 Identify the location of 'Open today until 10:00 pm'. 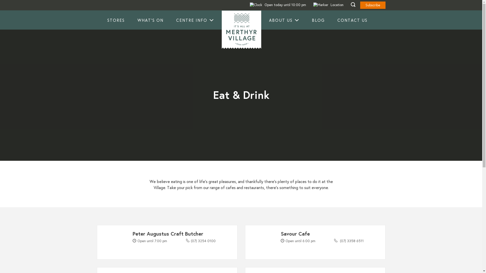
(277, 5).